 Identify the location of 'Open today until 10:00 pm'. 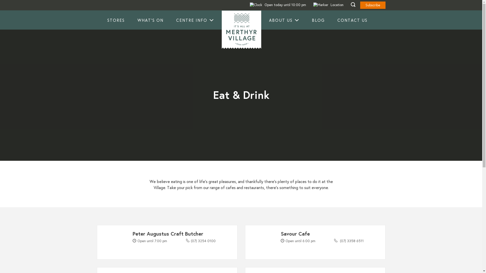
(277, 5).